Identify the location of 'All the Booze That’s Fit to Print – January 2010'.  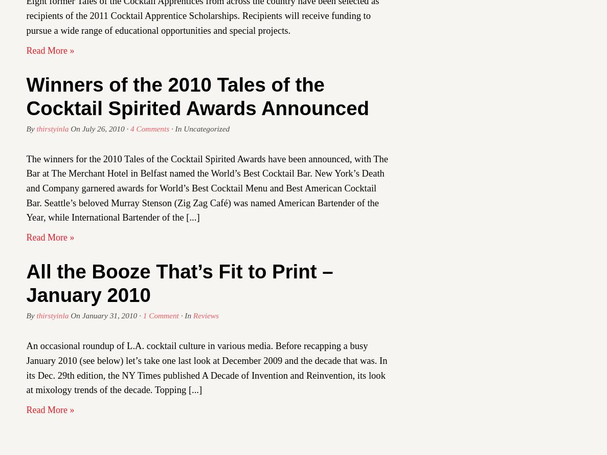
(178, 283).